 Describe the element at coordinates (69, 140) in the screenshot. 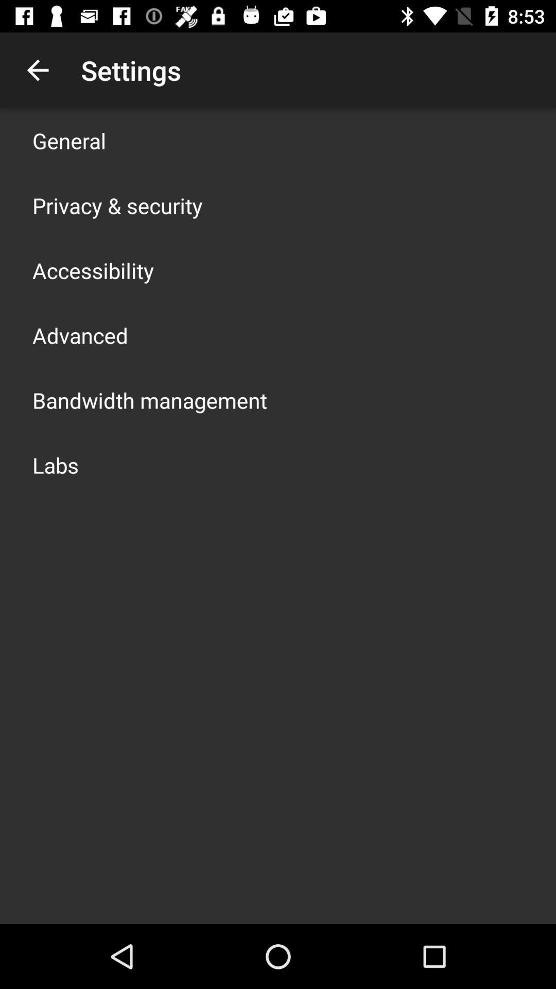

I see `the general` at that location.